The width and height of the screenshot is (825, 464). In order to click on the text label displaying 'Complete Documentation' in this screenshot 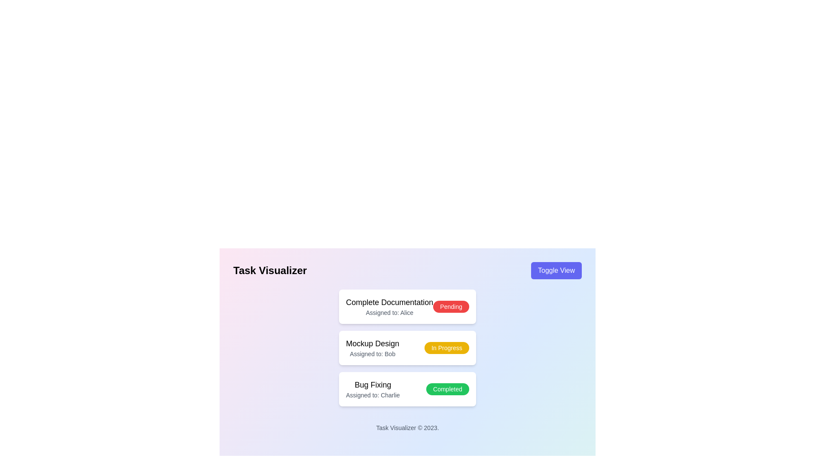, I will do `click(389, 302)`.